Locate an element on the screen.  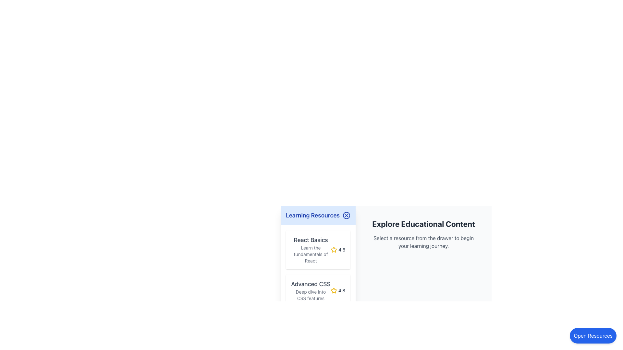
the educational resource card titled 'React Basics' in the 'Learning Resources' section located in the left-hand panel is located at coordinates (318, 250).